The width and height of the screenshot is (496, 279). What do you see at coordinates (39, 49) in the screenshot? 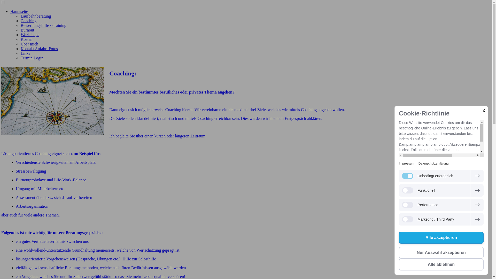
I see `'Kontakt Anfahrt Fotos'` at bounding box center [39, 49].